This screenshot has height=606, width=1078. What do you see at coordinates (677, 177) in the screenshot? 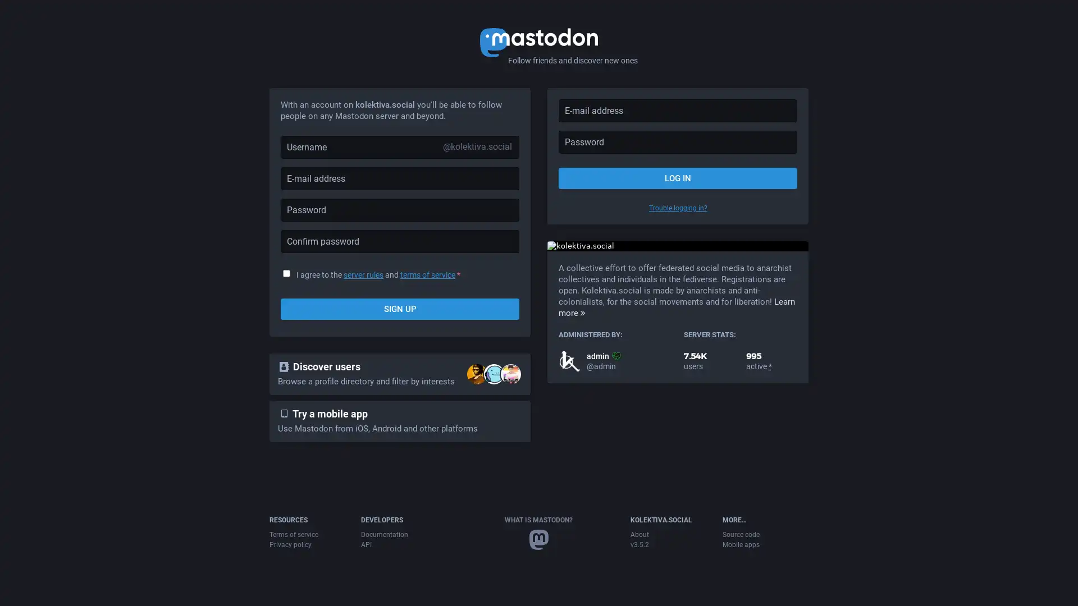
I see `LOG IN` at bounding box center [677, 177].